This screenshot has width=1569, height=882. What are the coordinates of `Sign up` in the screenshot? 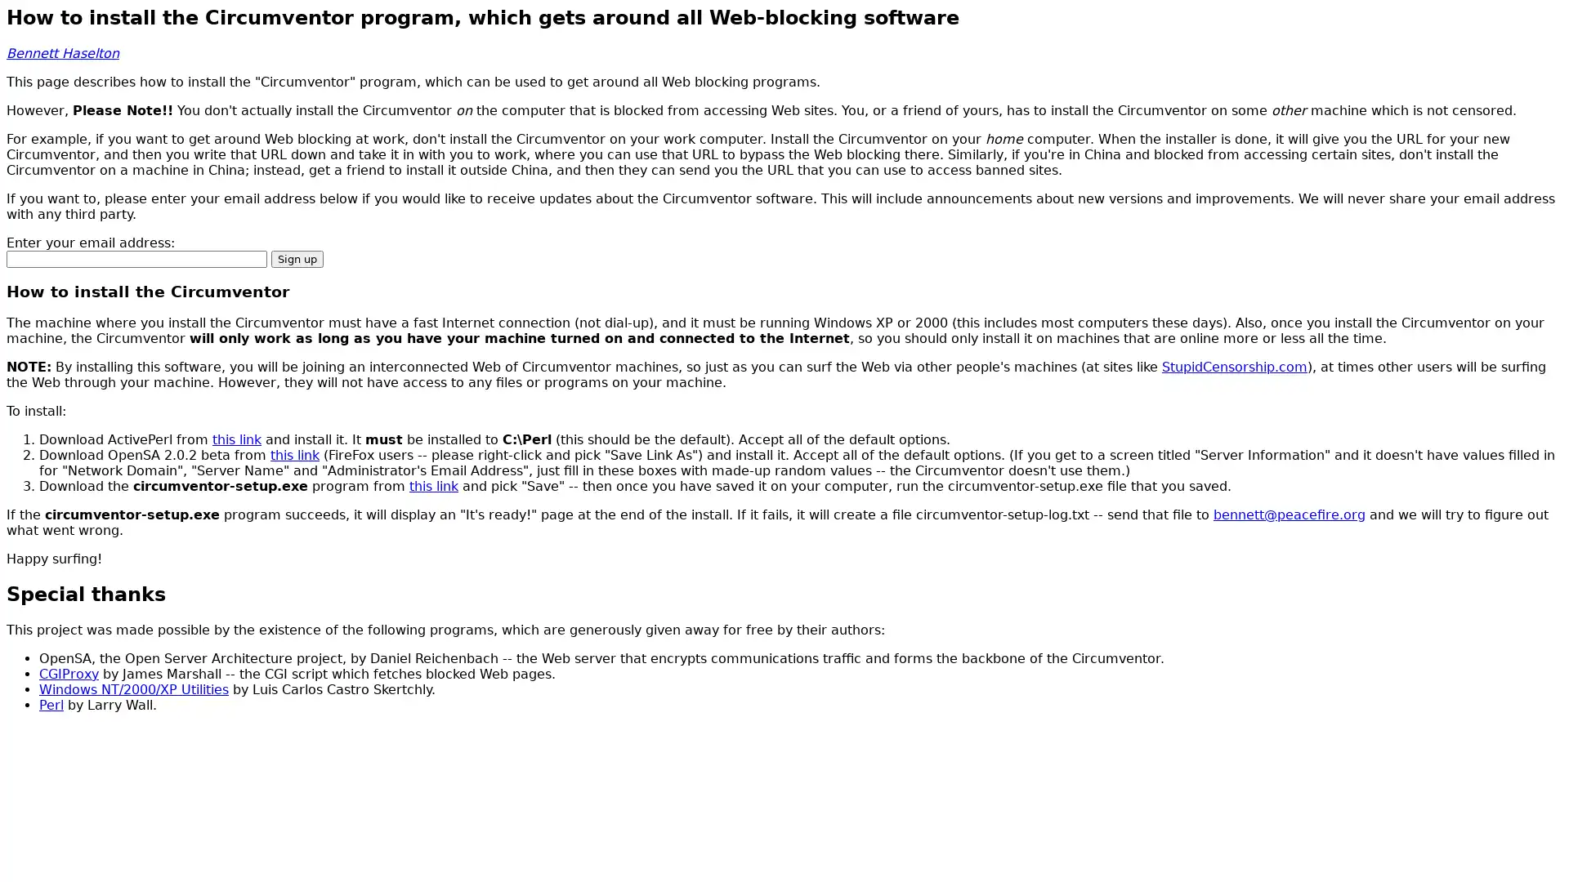 It's located at (297, 257).